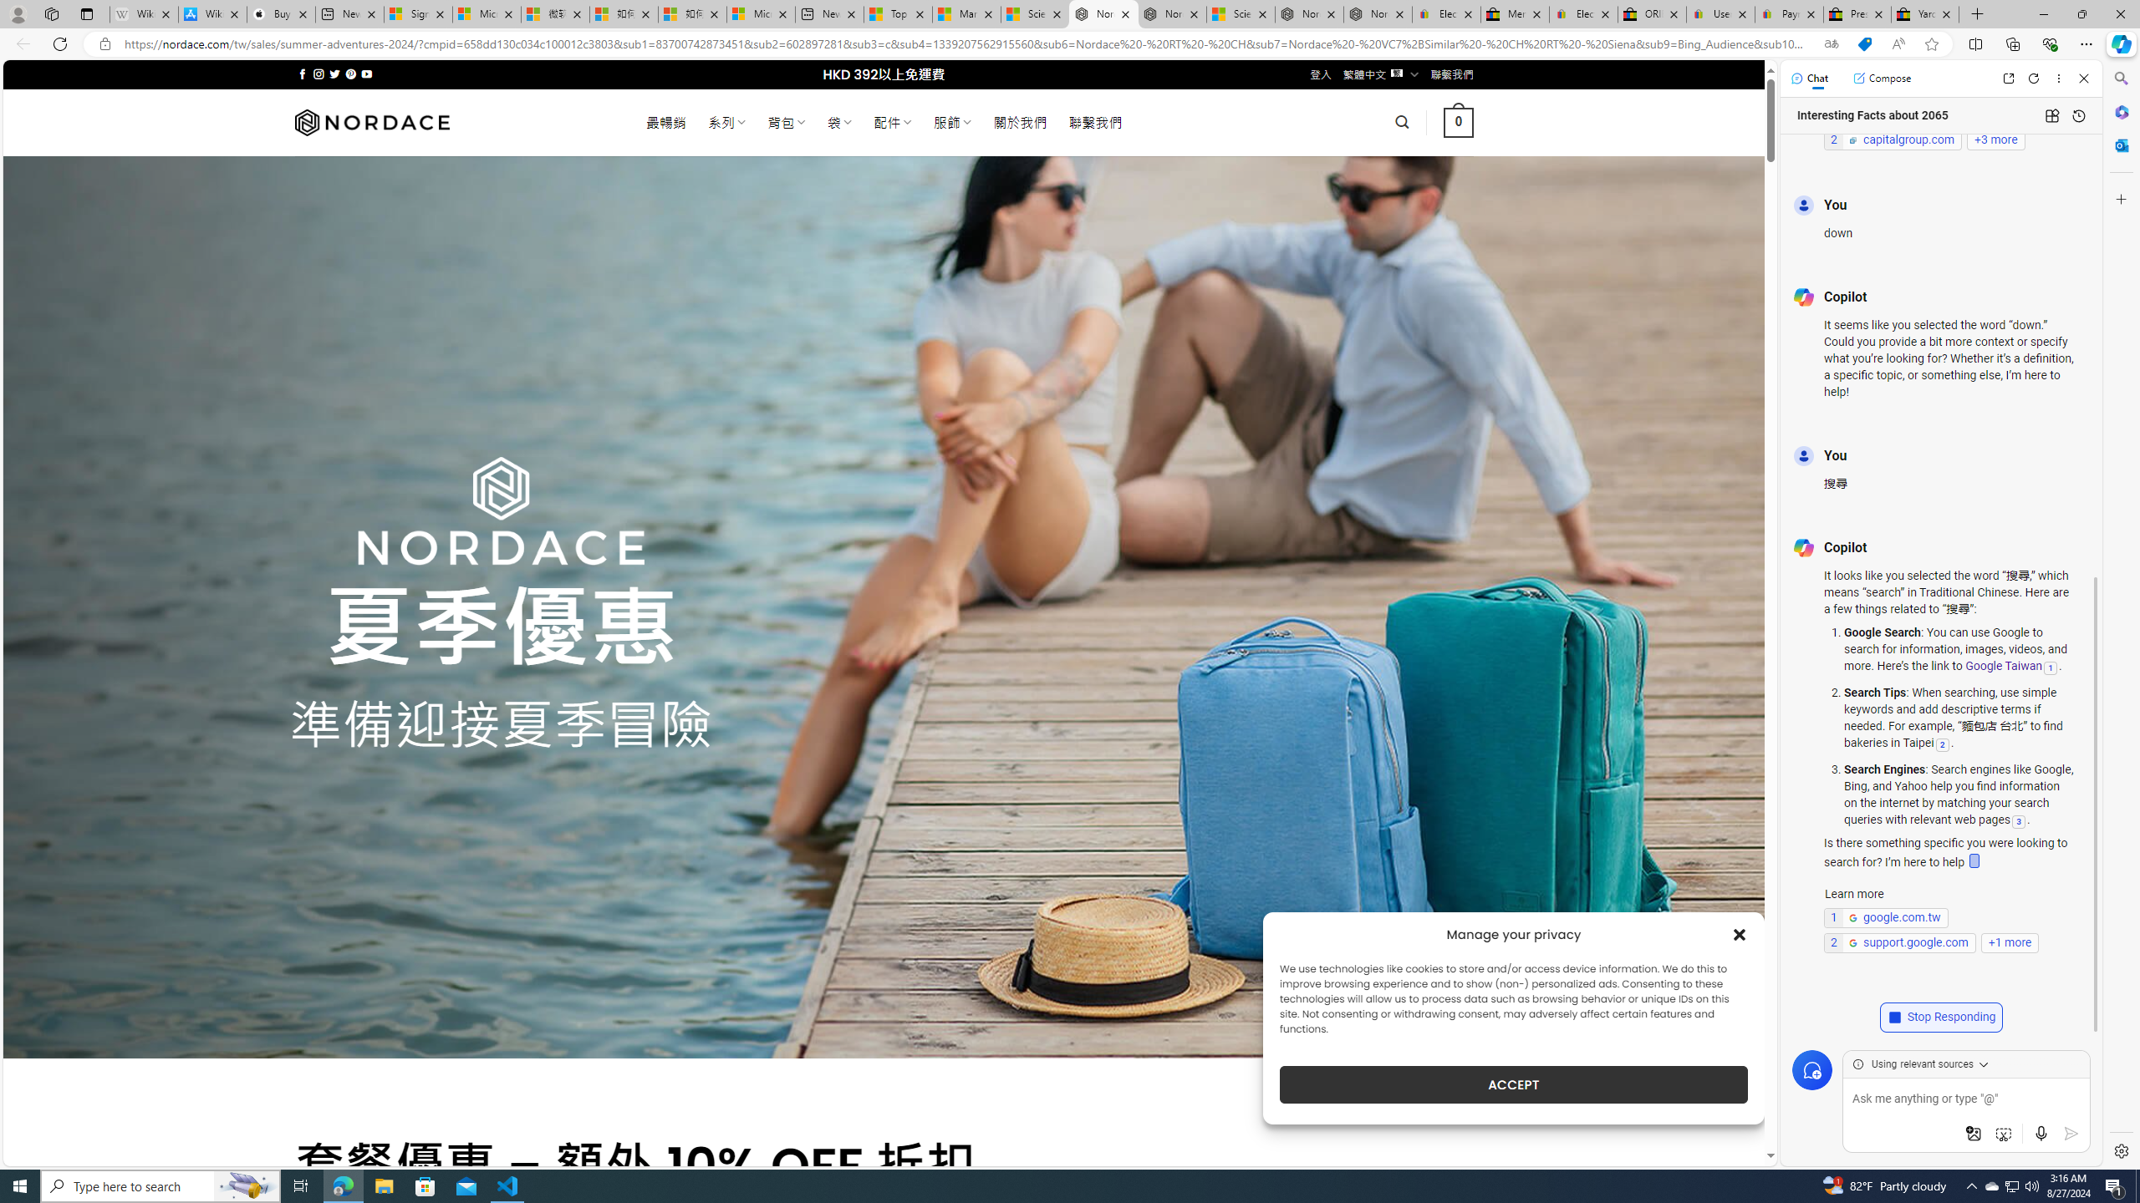  Describe the element at coordinates (280, 13) in the screenshot. I see `'Buy iPad - Apple'` at that location.